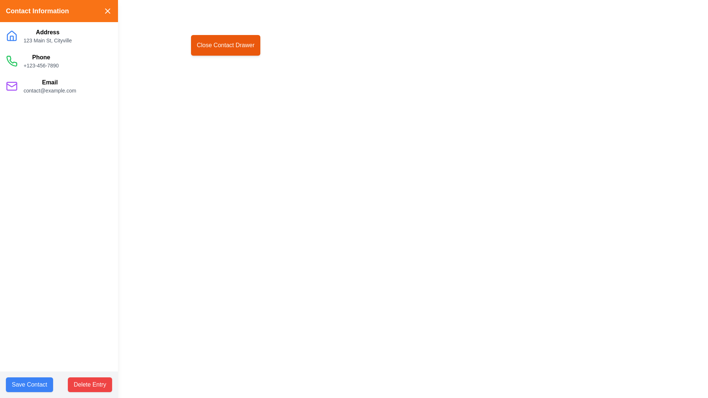  What do you see at coordinates (12, 35) in the screenshot?
I see `the SVG icon representing the 'Address' section within the contact information panel, located above the text 'Address'` at bounding box center [12, 35].